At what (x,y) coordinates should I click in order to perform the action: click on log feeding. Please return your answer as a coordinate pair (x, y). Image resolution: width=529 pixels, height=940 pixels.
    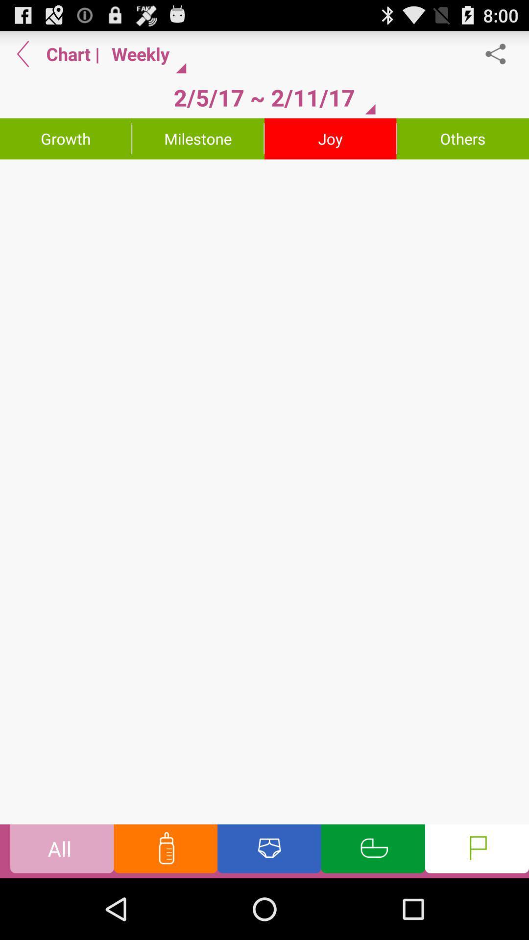
    Looking at the image, I should click on (165, 850).